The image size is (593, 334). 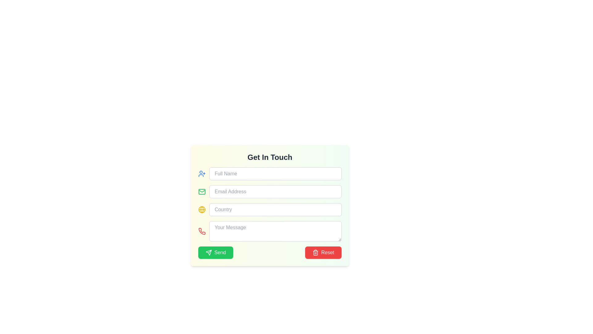 I want to click on the small triangular paper airplane icon with rounded edges, located on the left side of the green 'Send' button at the bottom left of the form, so click(x=209, y=253).